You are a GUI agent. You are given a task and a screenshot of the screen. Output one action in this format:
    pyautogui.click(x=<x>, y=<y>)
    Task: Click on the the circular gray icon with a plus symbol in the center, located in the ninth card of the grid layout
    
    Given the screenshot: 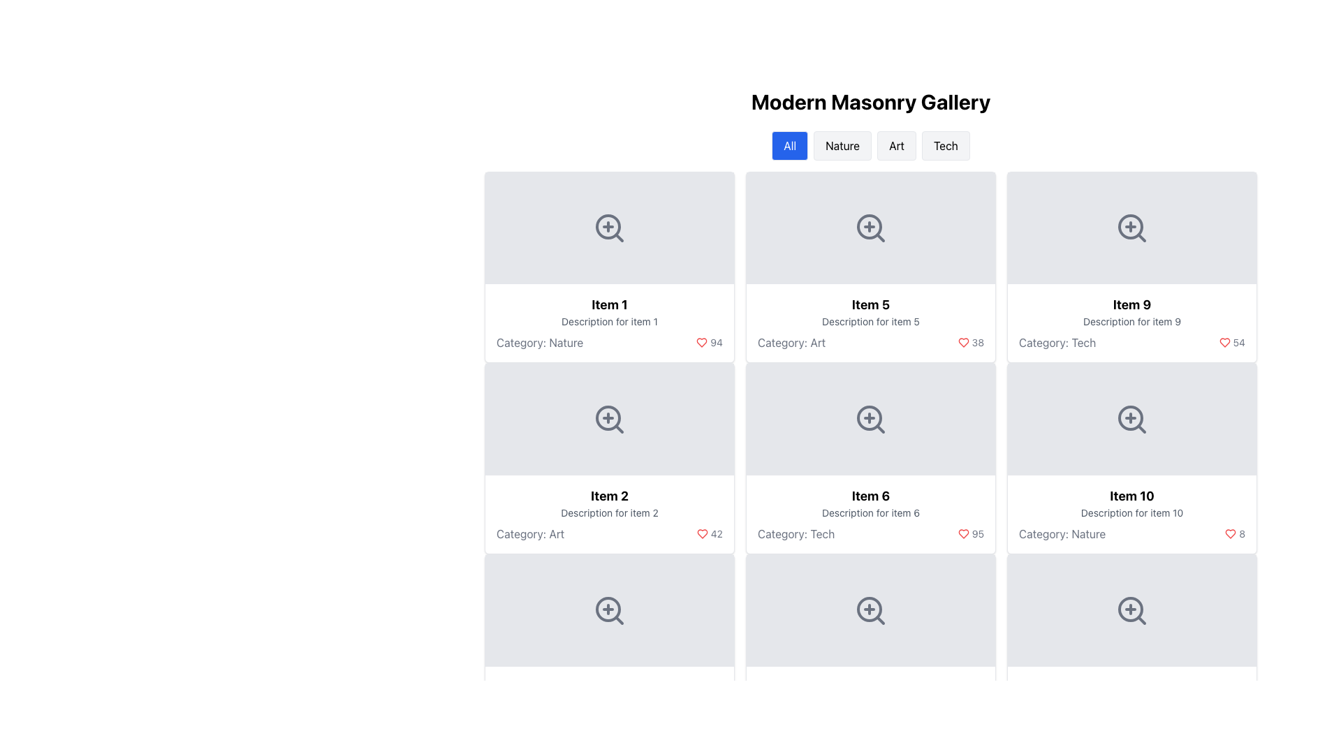 What is the action you would take?
    pyautogui.click(x=1130, y=417)
    